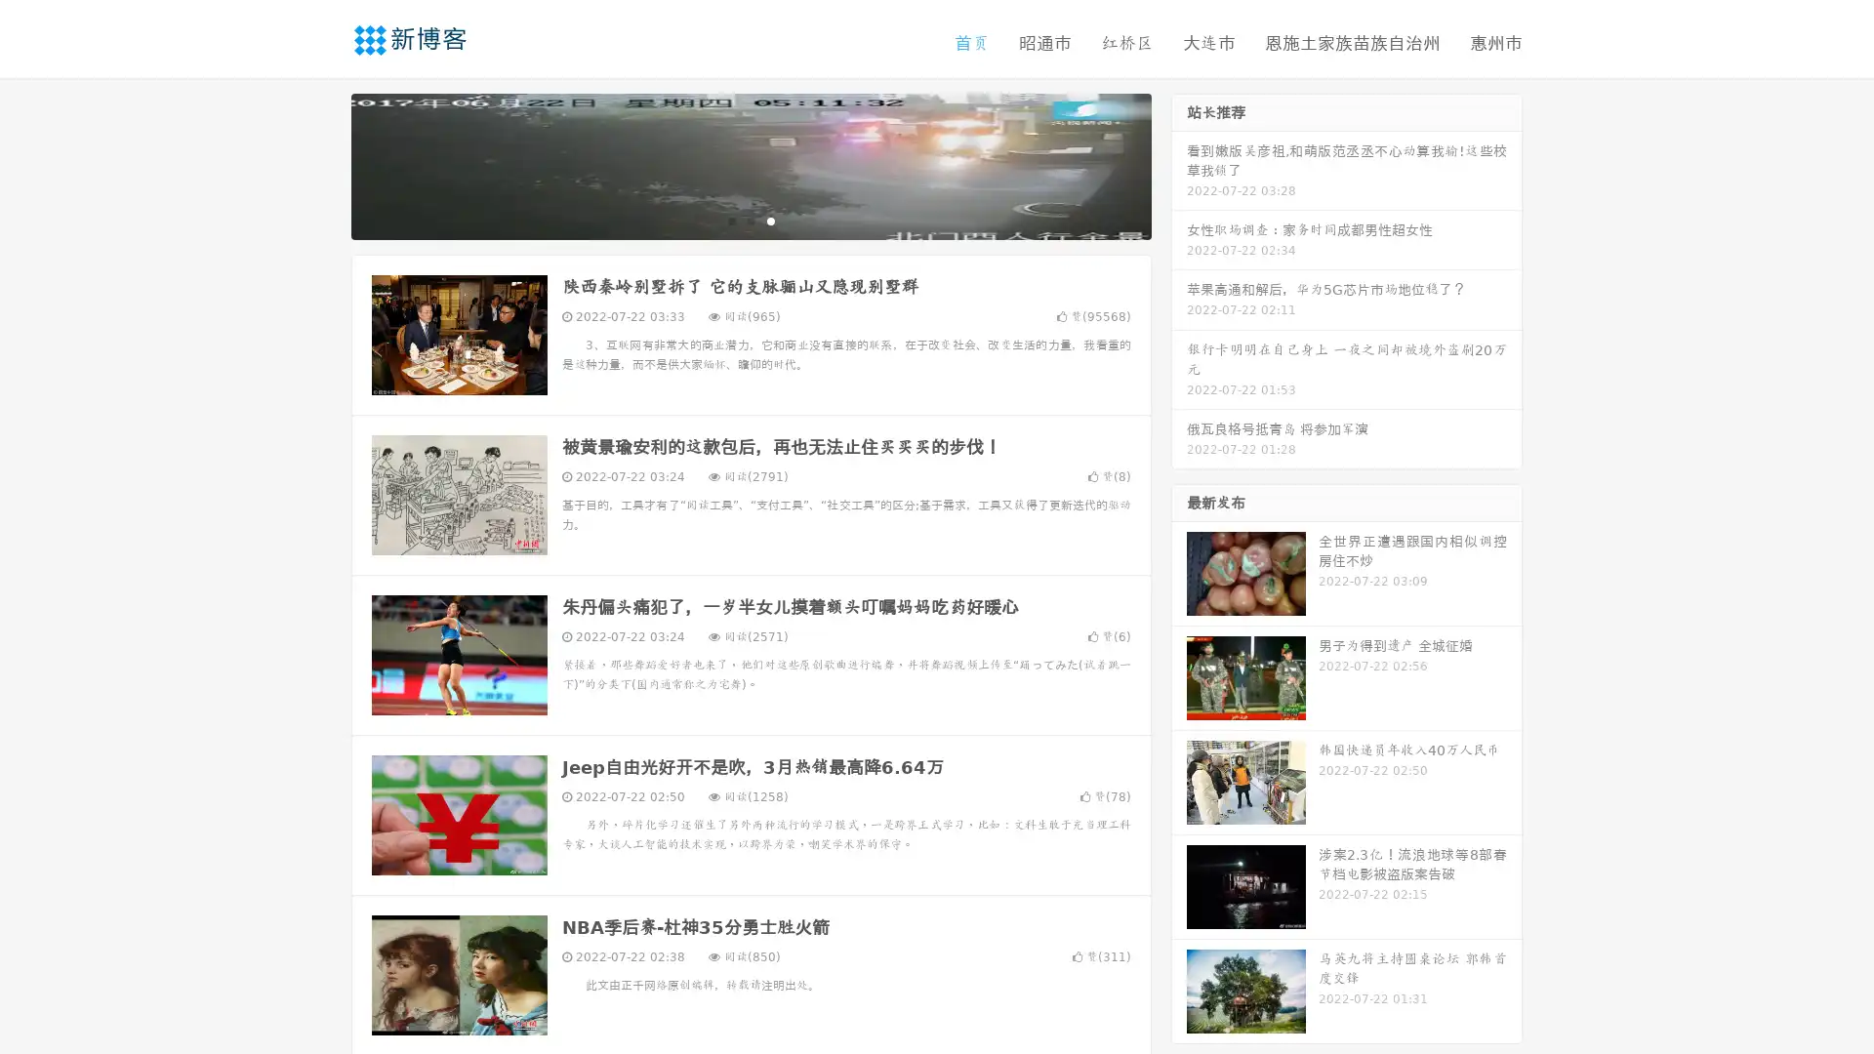 The image size is (1874, 1054). What do you see at coordinates (1179, 164) in the screenshot?
I see `Next slide` at bounding box center [1179, 164].